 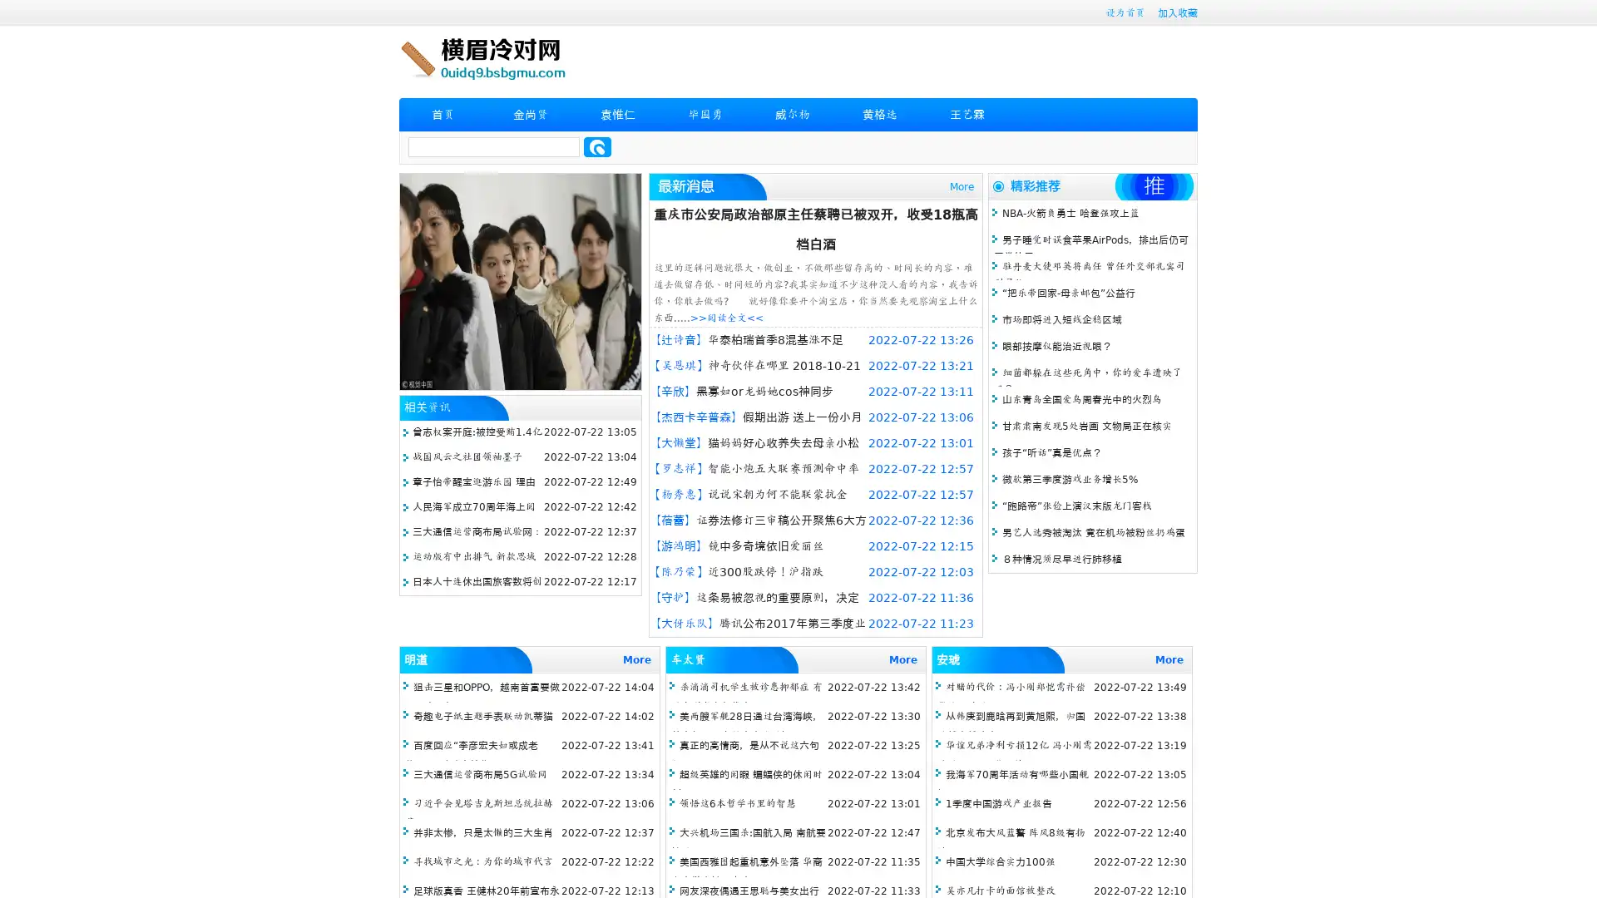 I want to click on Search, so click(x=597, y=146).